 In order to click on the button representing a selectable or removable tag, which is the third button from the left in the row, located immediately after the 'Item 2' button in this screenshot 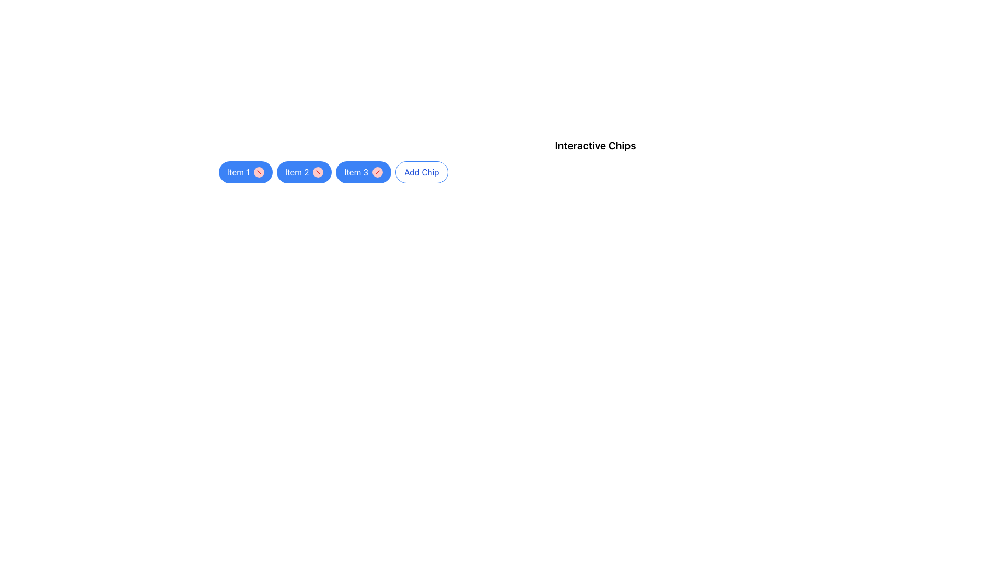, I will do `click(364, 172)`.